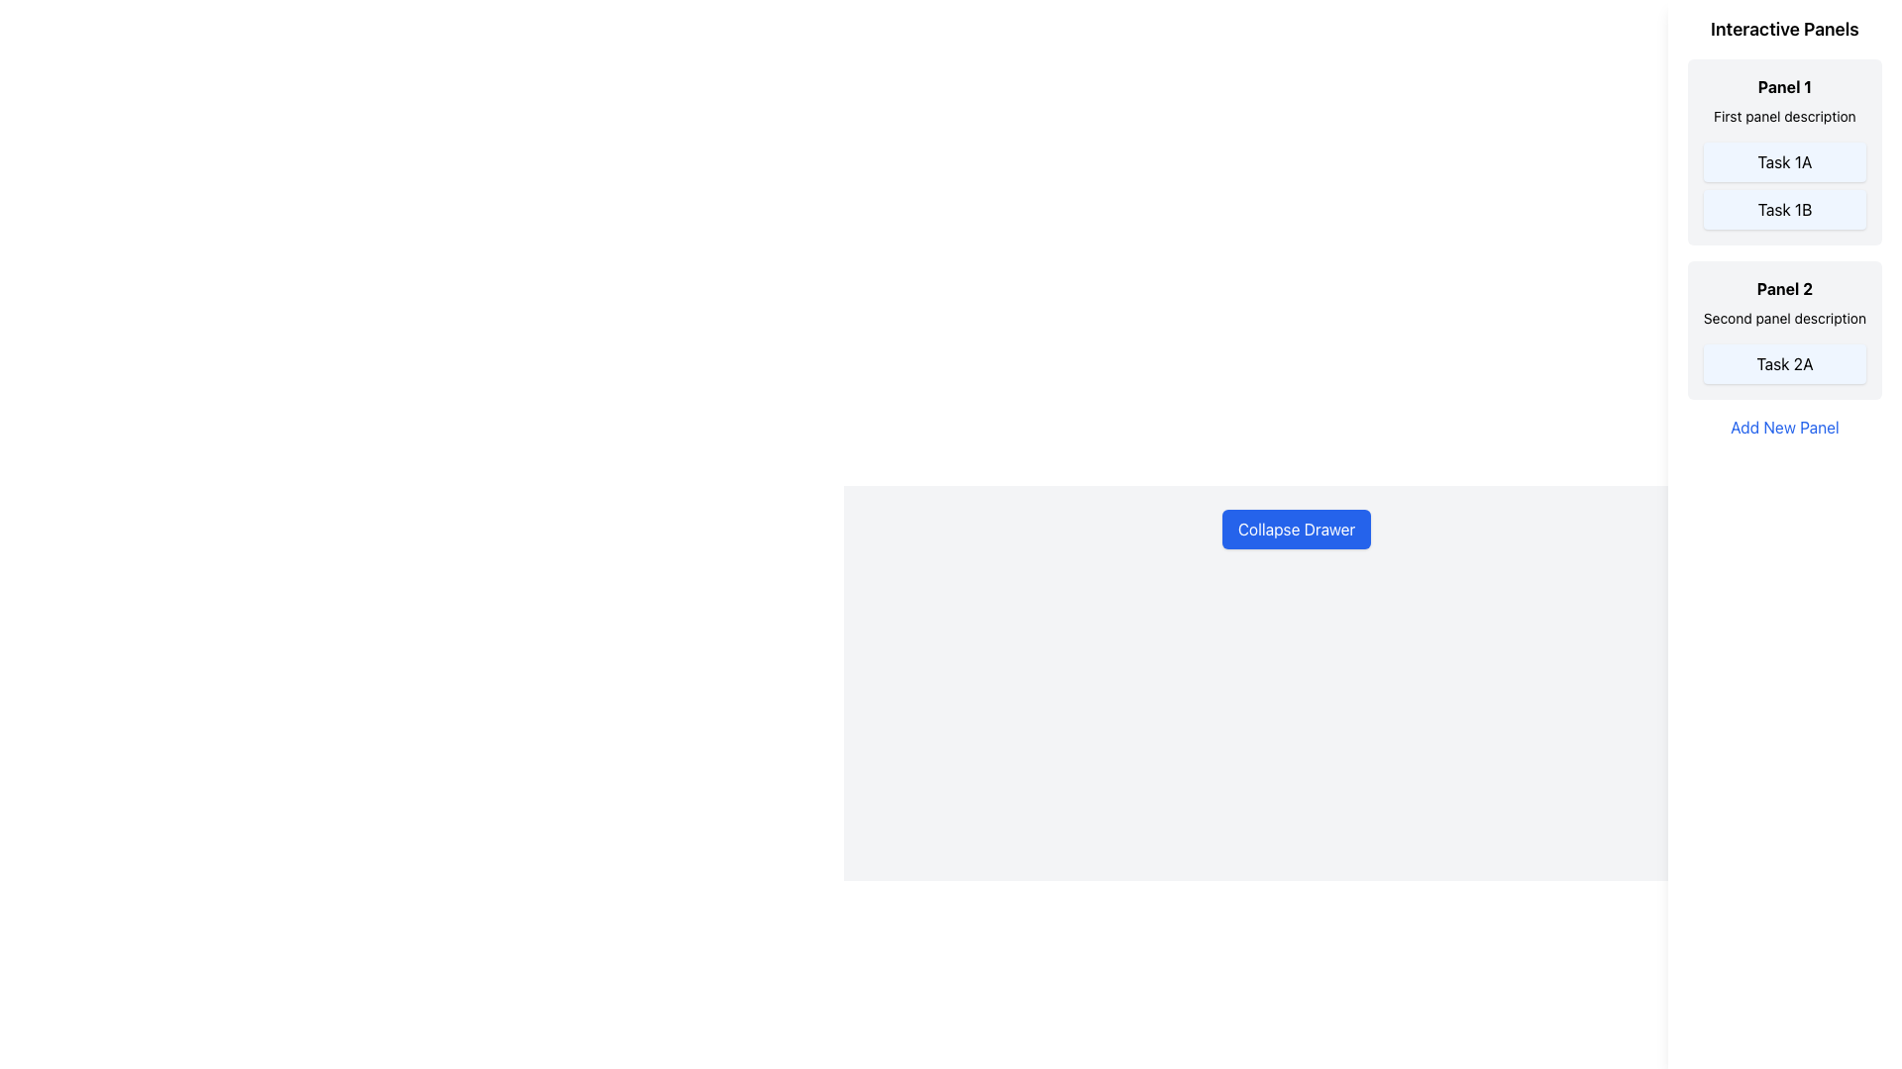  What do you see at coordinates (1784, 363) in the screenshot?
I see `the 'Task 2A' button with a light blue background located in 'Panel 2' of the 'Interactive Panels' section` at bounding box center [1784, 363].